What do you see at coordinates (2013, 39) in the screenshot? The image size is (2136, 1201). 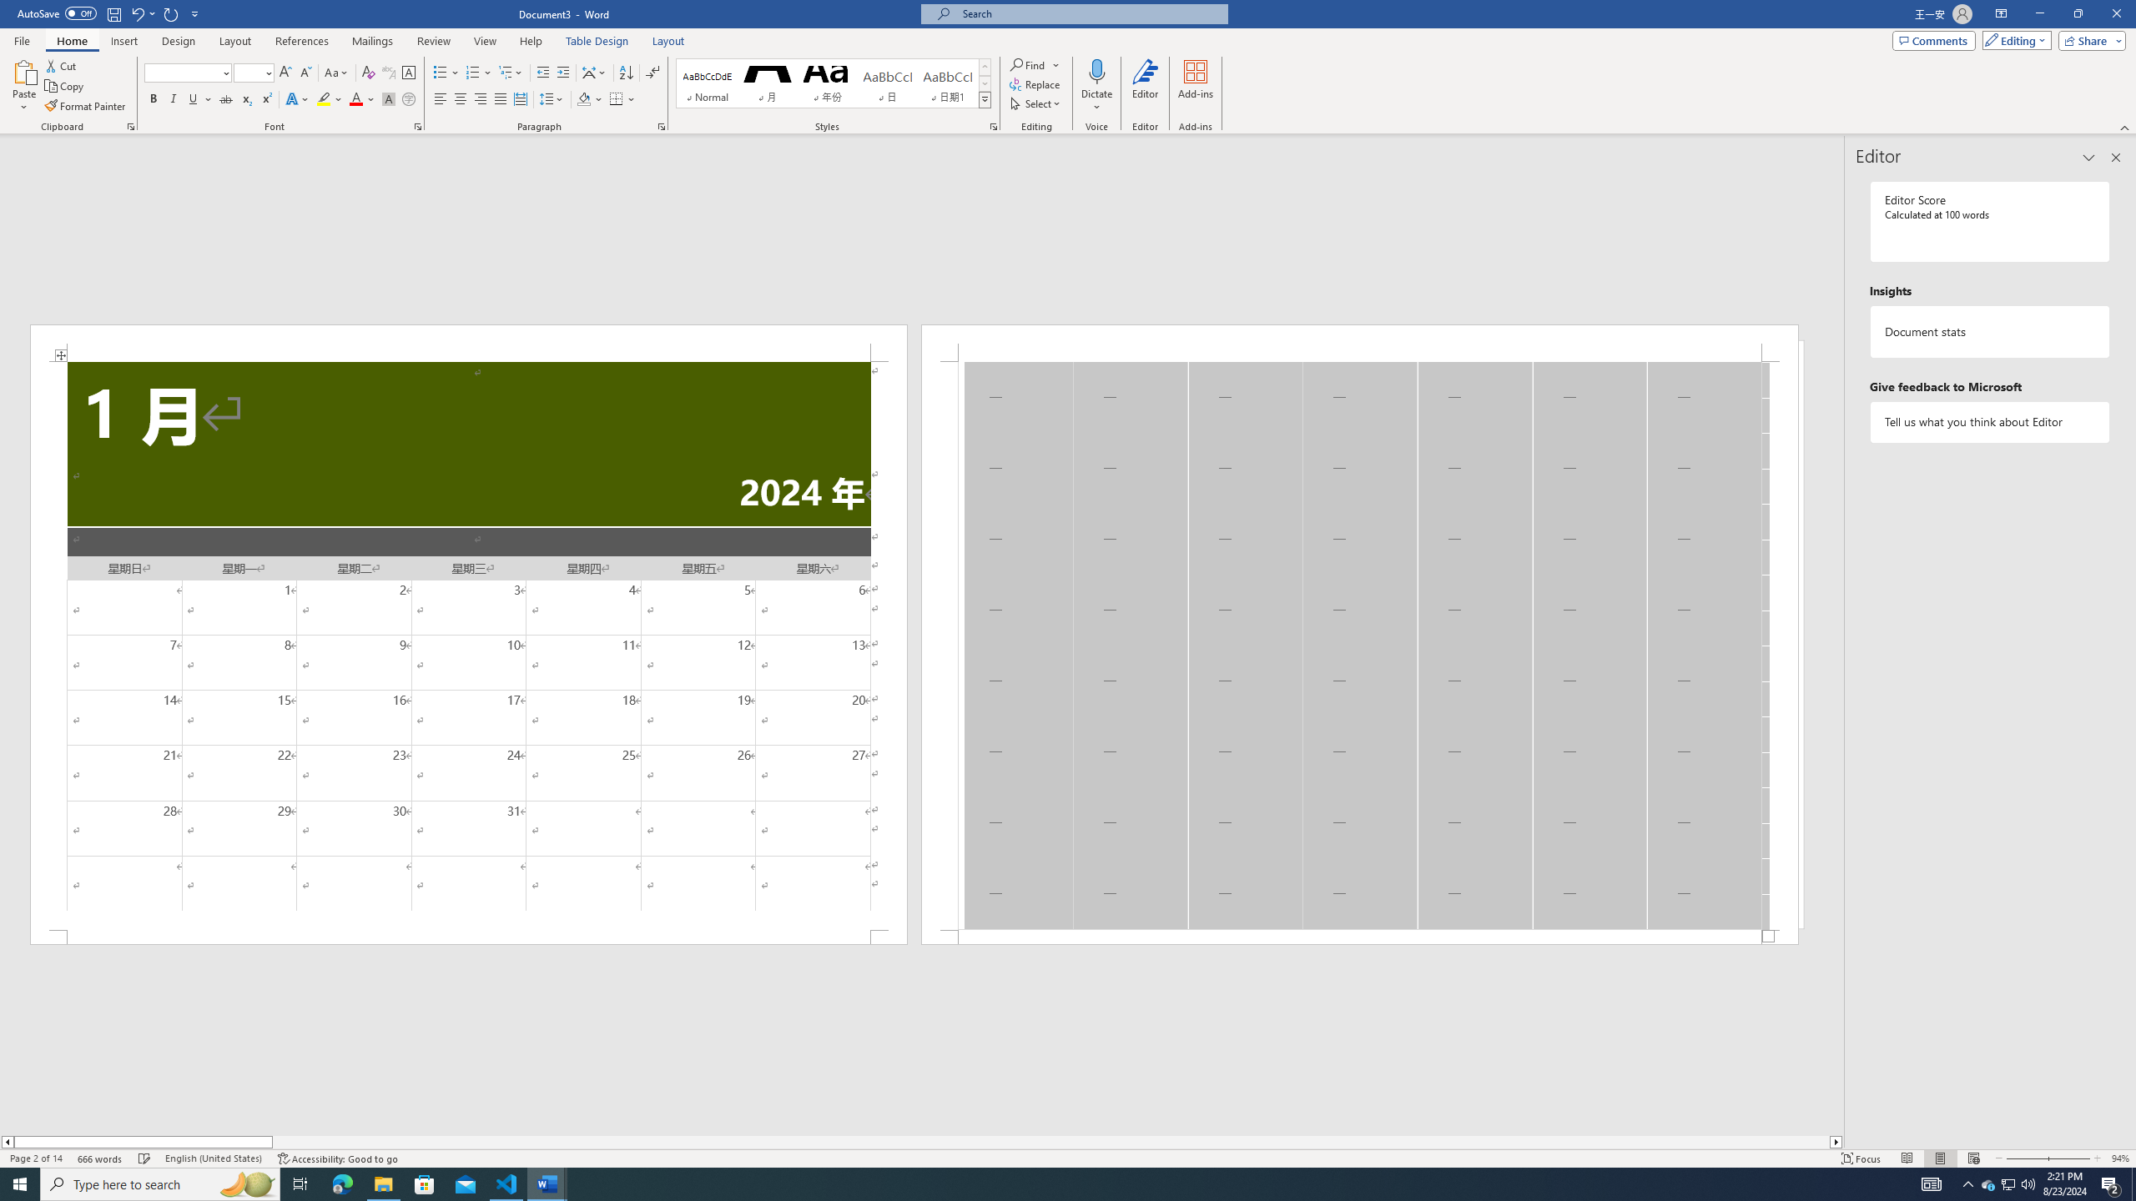 I see `'Mode'` at bounding box center [2013, 39].